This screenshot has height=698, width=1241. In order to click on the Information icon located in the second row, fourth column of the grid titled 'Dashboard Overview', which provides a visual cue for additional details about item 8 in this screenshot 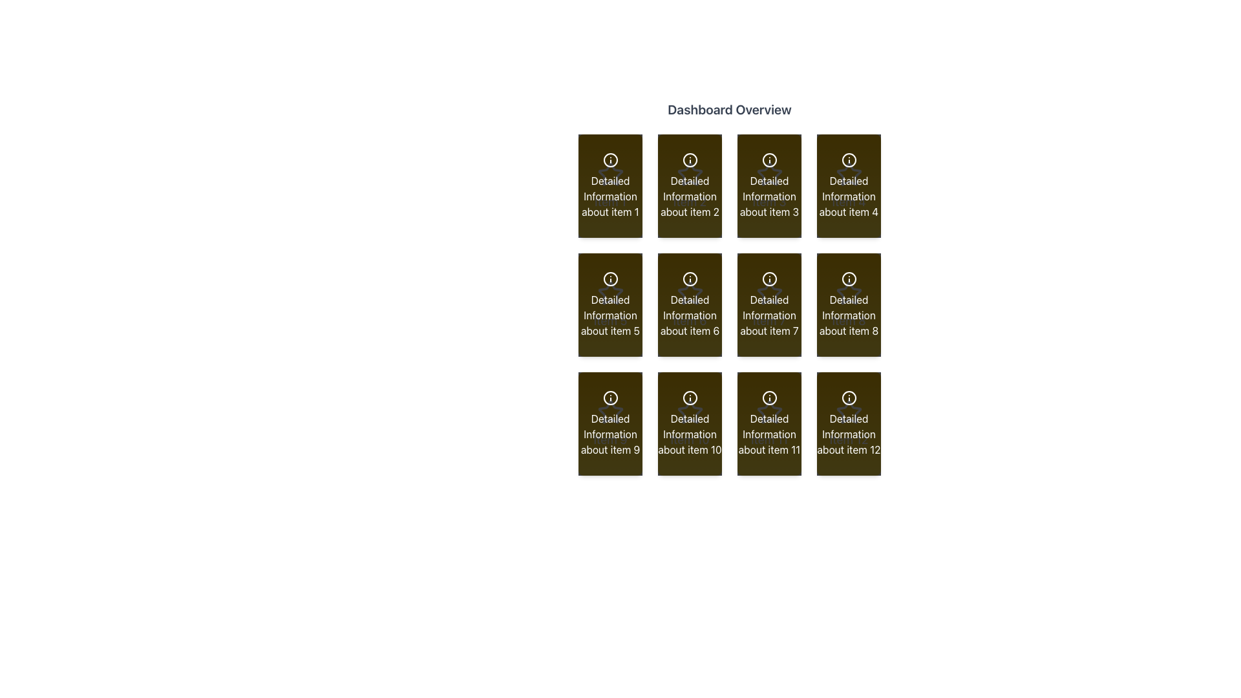, I will do `click(849, 279)`.